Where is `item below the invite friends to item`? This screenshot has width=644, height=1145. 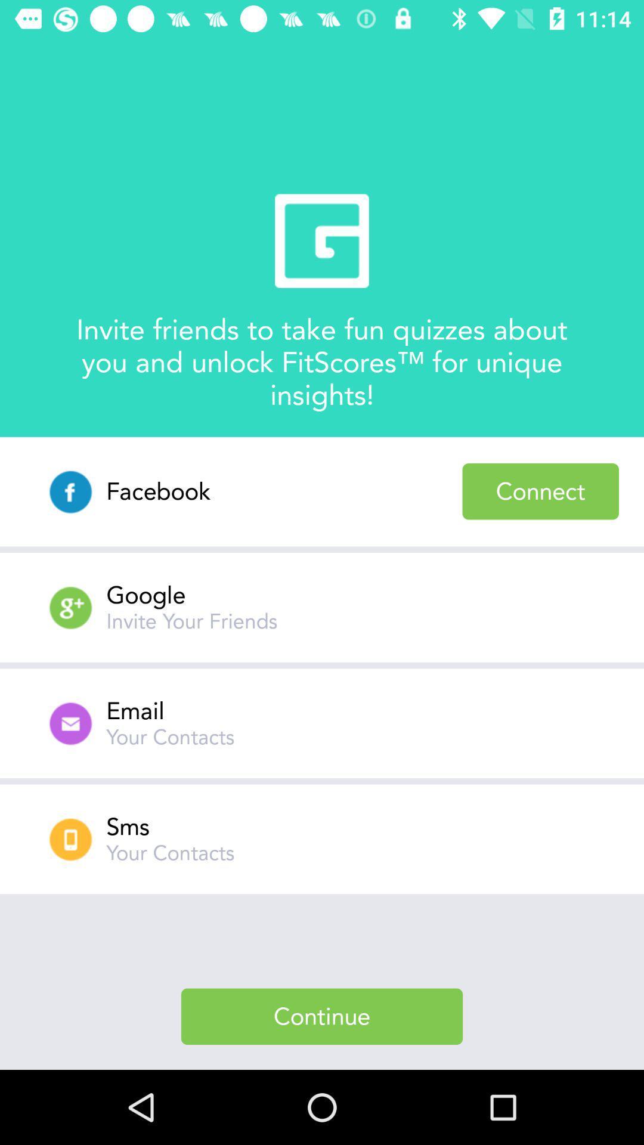
item below the invite friends to item is located at coordinates (540, 491).